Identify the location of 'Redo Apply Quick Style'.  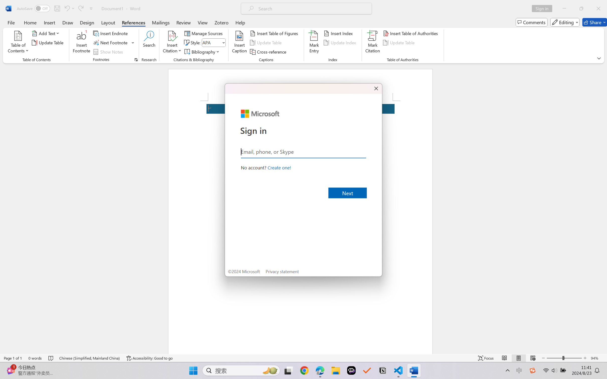
(80, 8).